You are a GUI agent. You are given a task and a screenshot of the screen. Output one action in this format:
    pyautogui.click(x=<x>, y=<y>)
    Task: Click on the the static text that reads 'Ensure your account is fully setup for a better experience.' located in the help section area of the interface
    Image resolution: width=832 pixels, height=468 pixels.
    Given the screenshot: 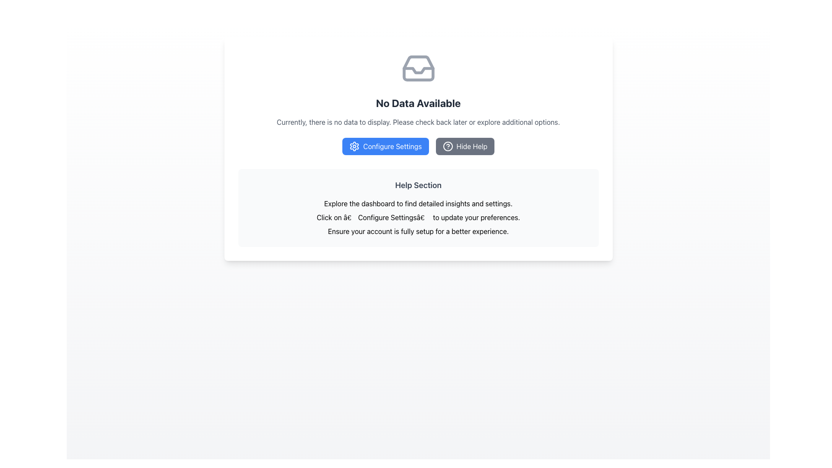 What is the action you would take?
    pyautogui.click(x=418, y=231)
    